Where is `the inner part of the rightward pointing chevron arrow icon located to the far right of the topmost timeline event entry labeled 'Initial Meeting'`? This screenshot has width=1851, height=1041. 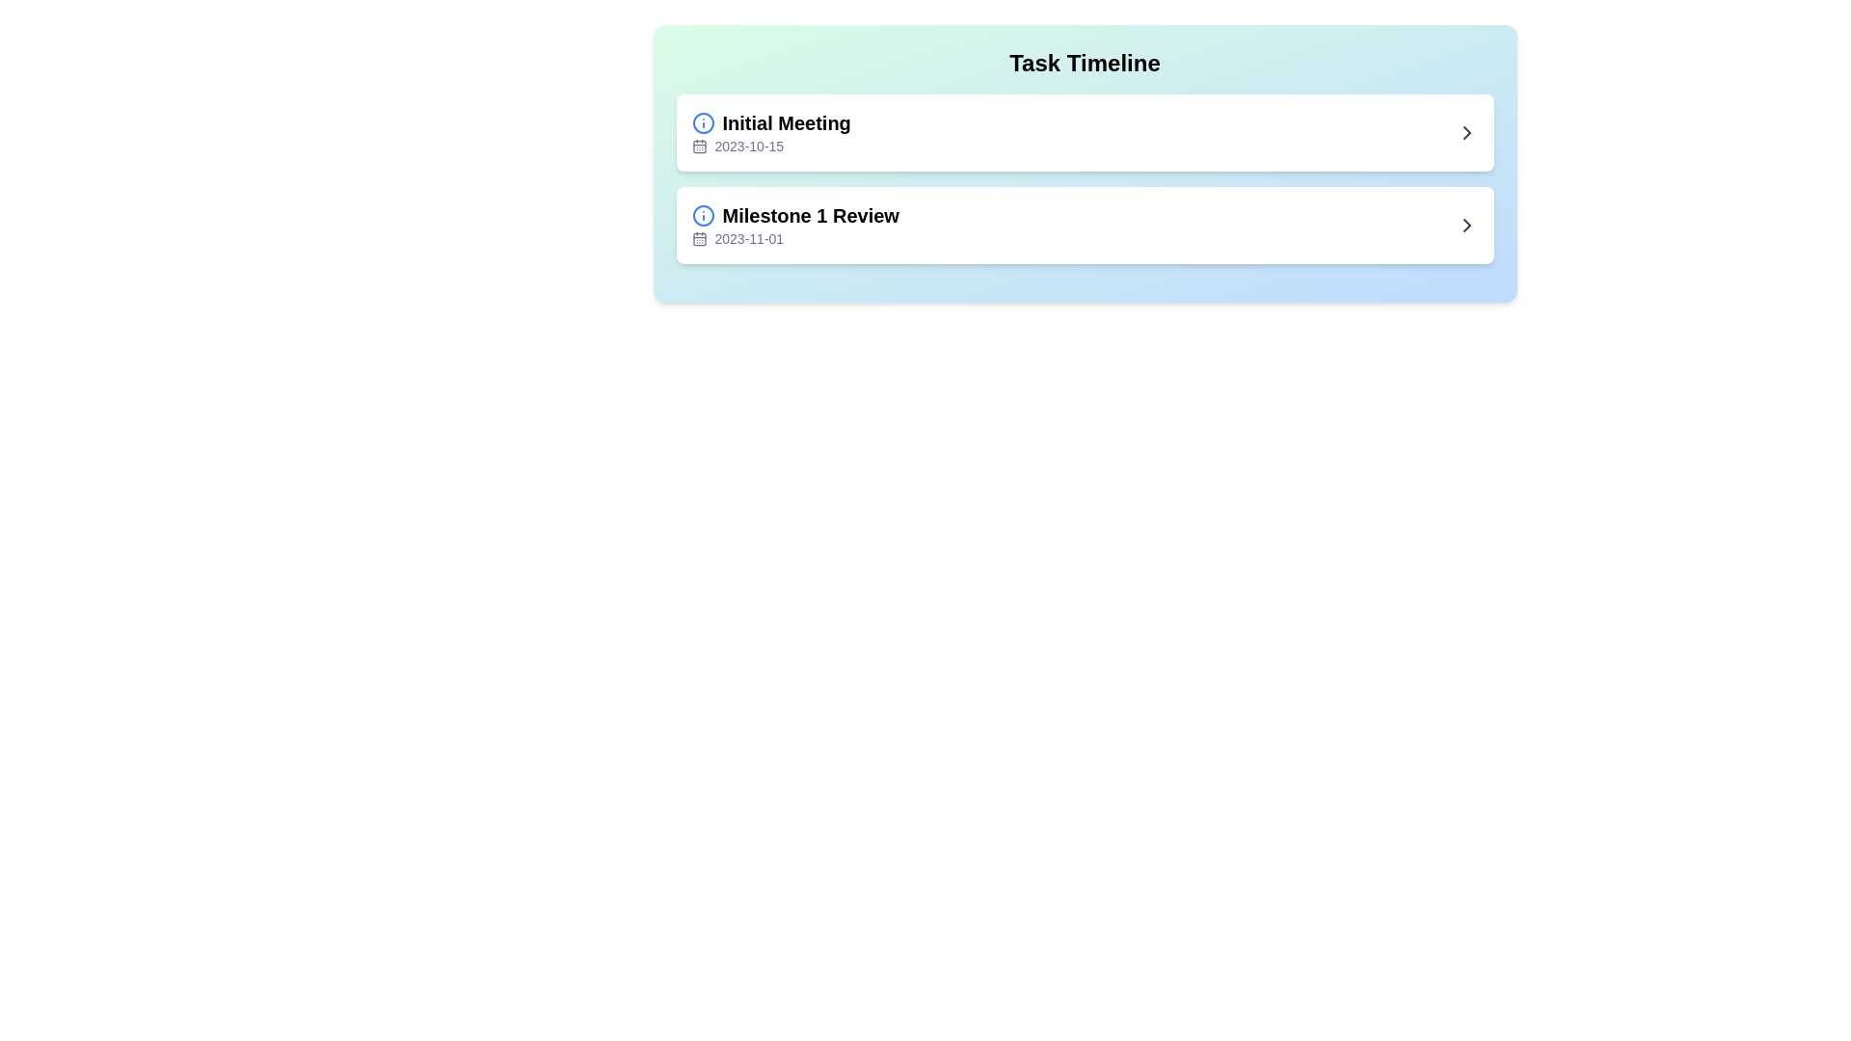
the inner part of the rightward pointing chevron arrow icon located to the far right of the topmost timeline event entry labeled 'Initial Meeting' is located at coordinates (1465, 132).